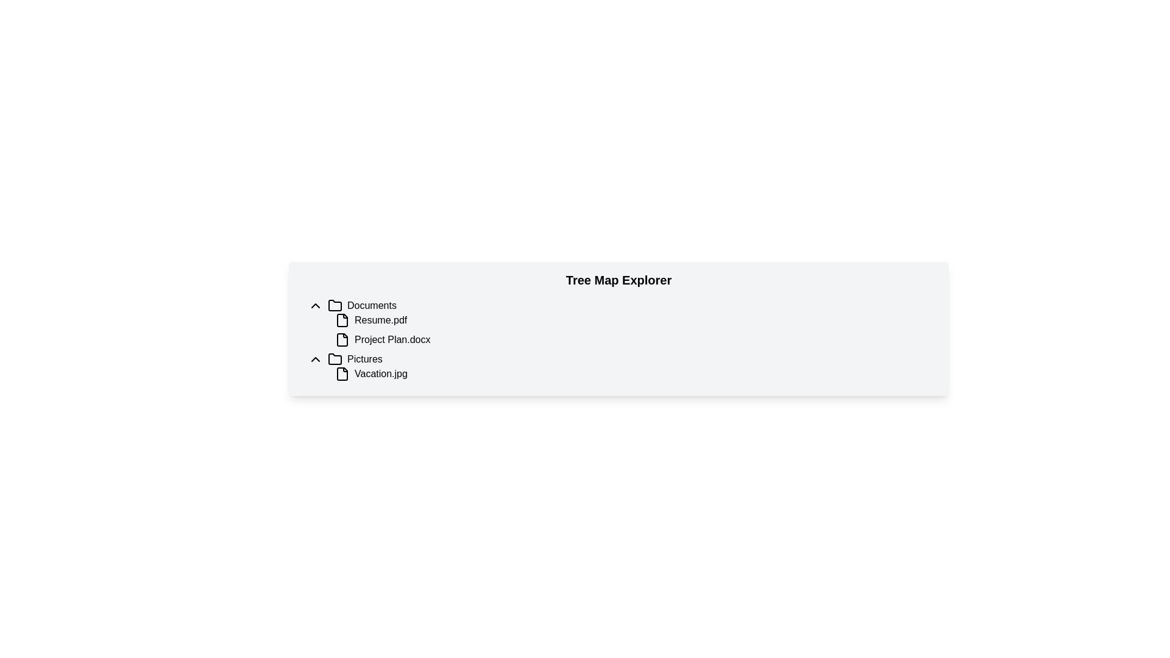 Image resolution: width=1170 pixels, height=658 pixels. What do you see at coordinates (341, 319) in the screenshot?
I see `the document file icon, which is a small icon with a rectangular outline filled with white and bordered in black, located before the label 'Resume.pdf'` at bounding box center [341, 319].